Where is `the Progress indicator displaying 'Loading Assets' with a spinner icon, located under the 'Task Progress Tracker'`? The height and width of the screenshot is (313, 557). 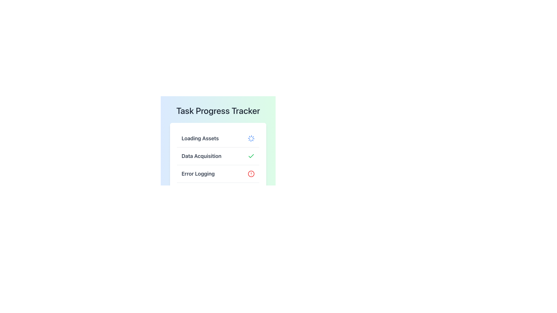 the Progress indicator displaying 'Loading Assets' with a spinner icon, located under the 'Task Progress Tracker' is located at coordinates (218, 137).